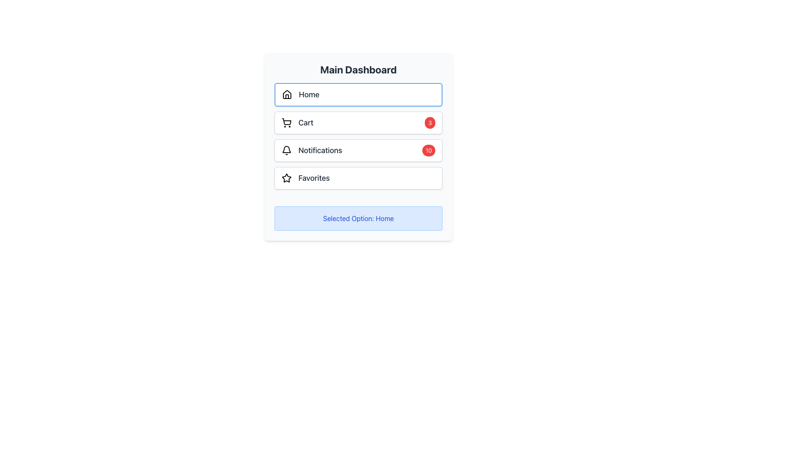  Describe the element at coordinates (286, 177) in the screenshot. I see `the star icon representing the Favorites section in the Main Dashboard` at that location.